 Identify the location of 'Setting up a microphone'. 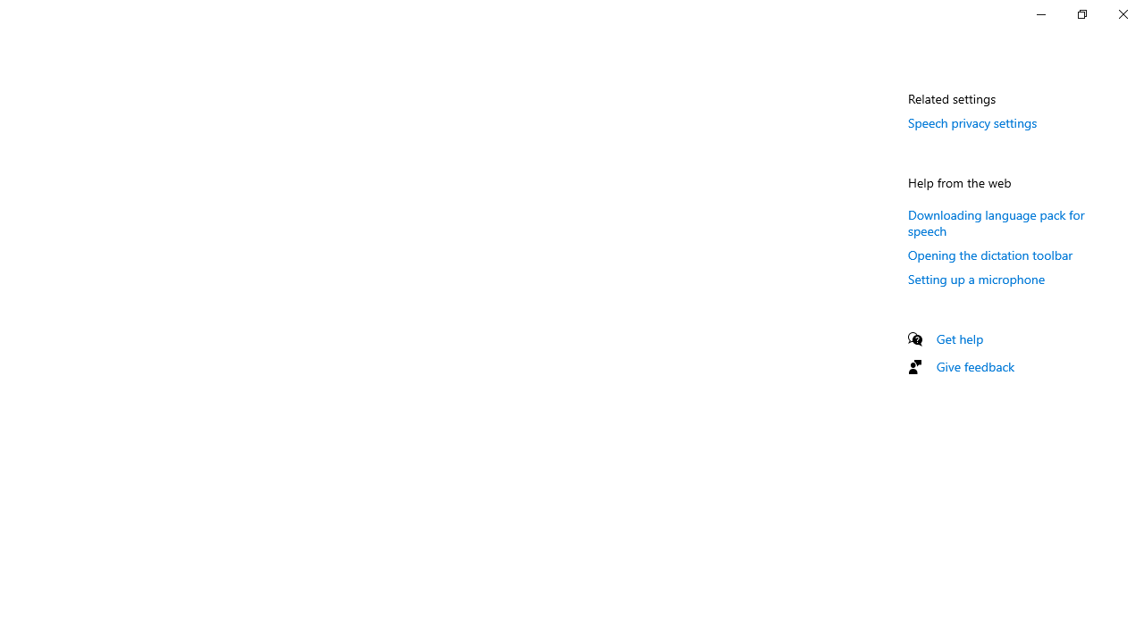
(976, 279).